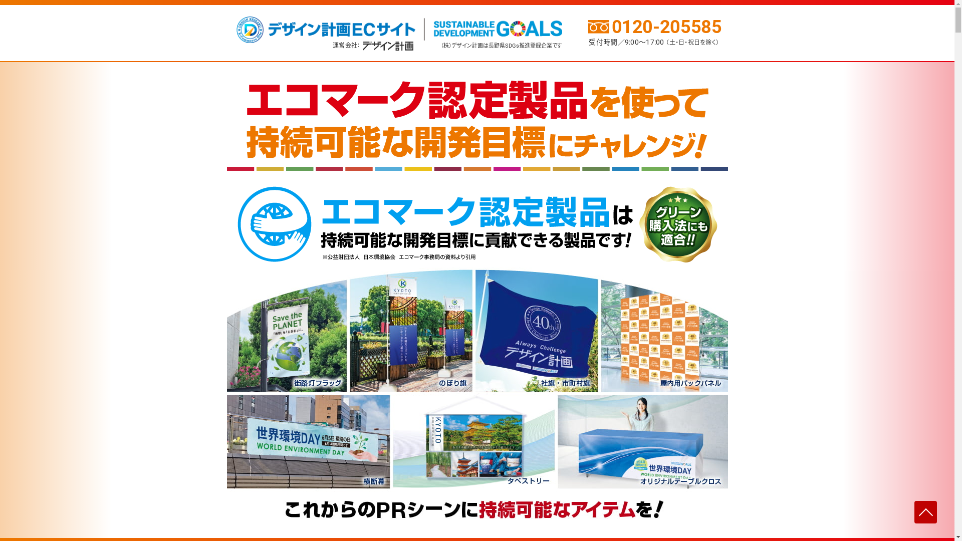  Describe the element at coordinates (654, 25) in the screenshot. I see `'0120-205585'` at that location.